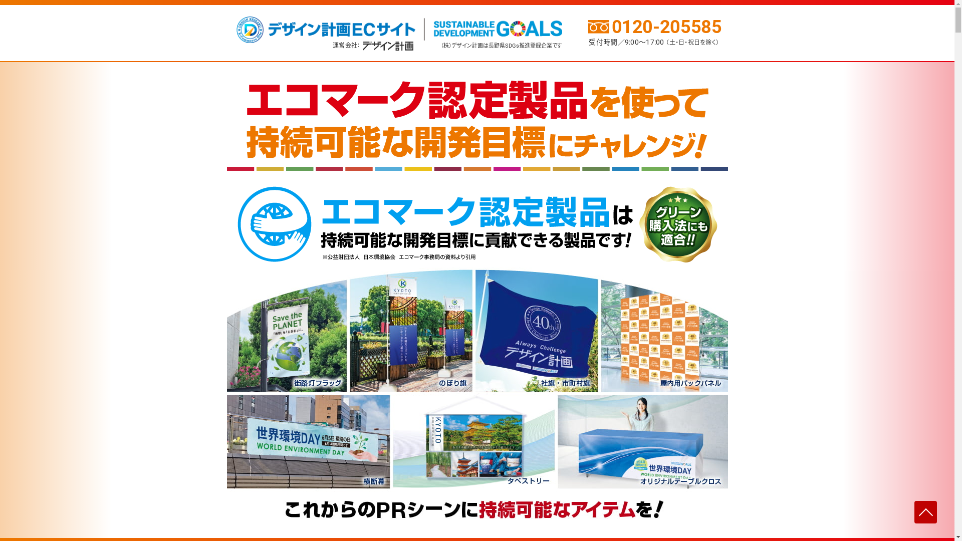  Describe the element at coordinates (654, 25) in the screenshot. I see `'0120-205585'` at that location.